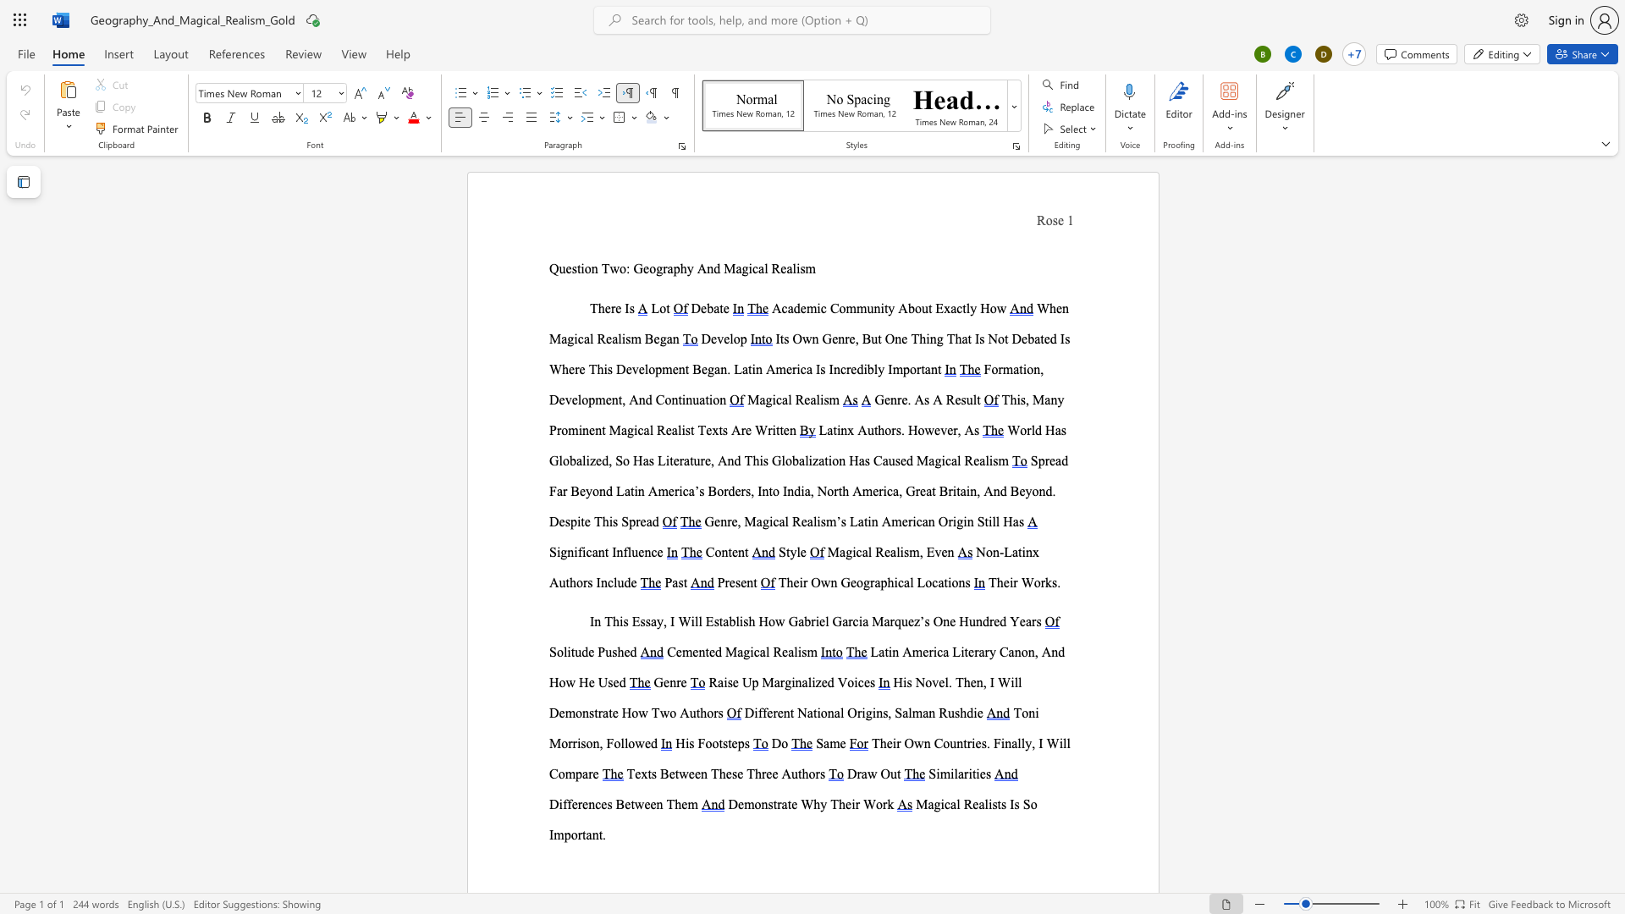 Image resolution: width=1625 pixels, height=914 pixels. What do you see at coordinates (895, 429) in the screenshot?
I see `the space between the continuous character "r" and "s" in the text` at bounding box center [895, 429].